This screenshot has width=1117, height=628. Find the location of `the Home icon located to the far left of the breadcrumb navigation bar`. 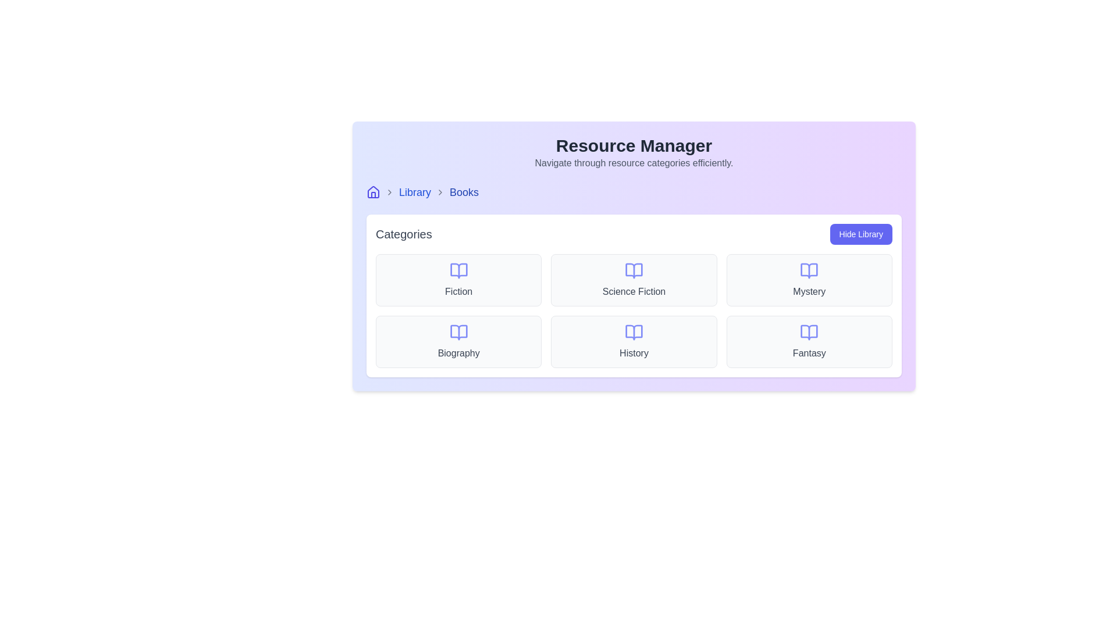

the Home icon located to the far left of the breadcrumb navigation bar is located at coordinates (373, 192).